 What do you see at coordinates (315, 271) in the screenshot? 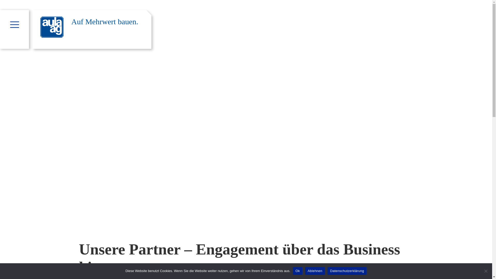
I see `'Ablehnen'` at bounding box center [315, 271].